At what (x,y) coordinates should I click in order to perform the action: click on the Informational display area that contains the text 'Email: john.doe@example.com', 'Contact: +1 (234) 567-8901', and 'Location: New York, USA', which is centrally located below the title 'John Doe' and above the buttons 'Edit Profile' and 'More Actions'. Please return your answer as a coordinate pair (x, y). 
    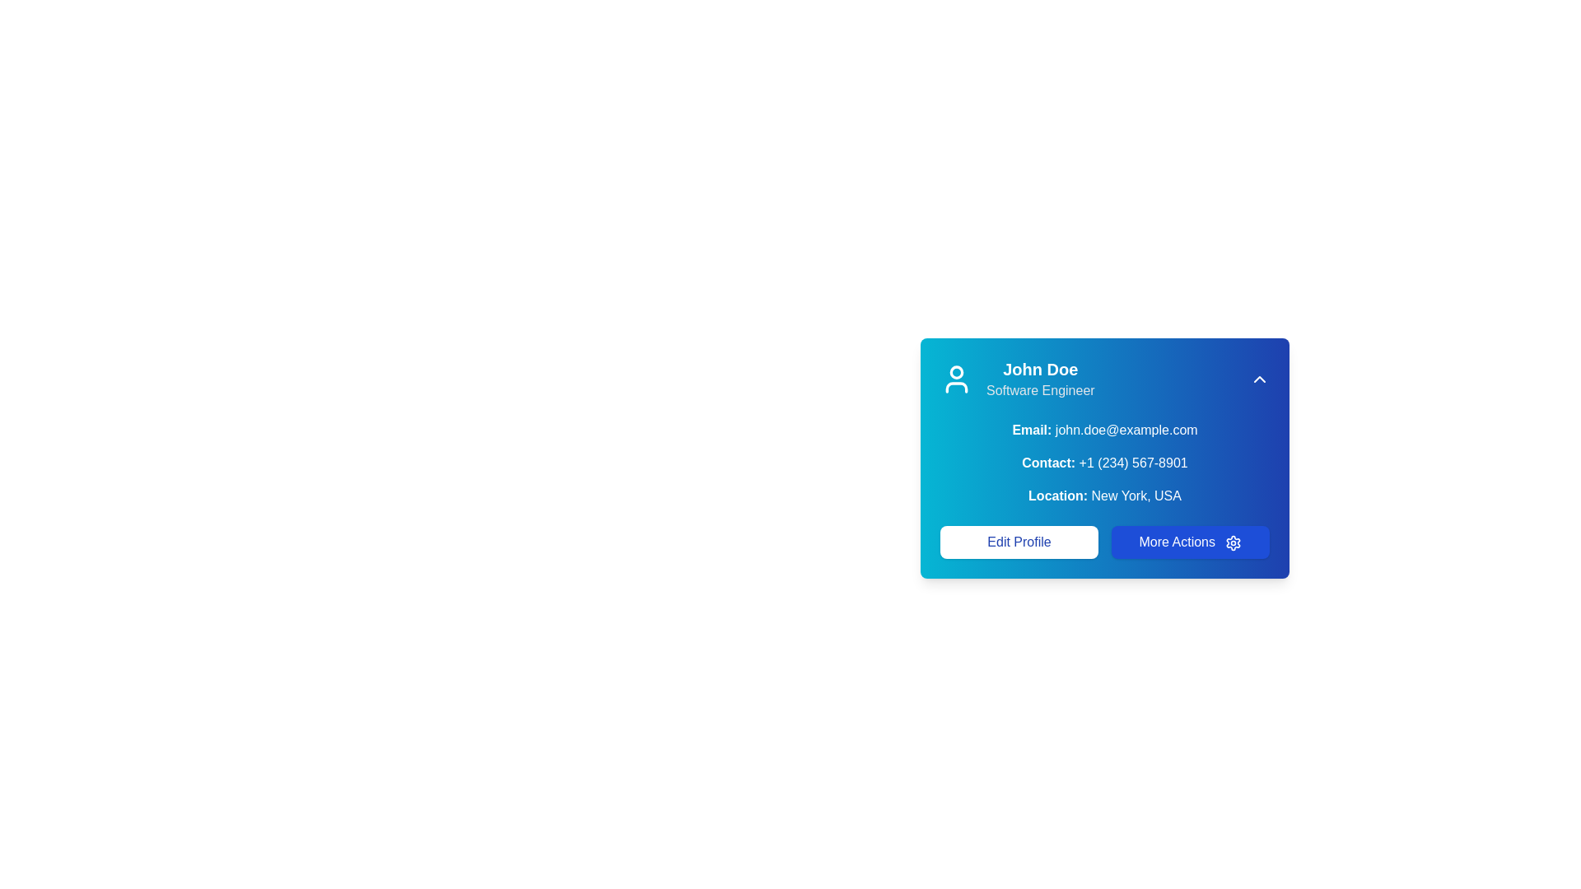
    Looking at the image, I should click on (1105, 463).